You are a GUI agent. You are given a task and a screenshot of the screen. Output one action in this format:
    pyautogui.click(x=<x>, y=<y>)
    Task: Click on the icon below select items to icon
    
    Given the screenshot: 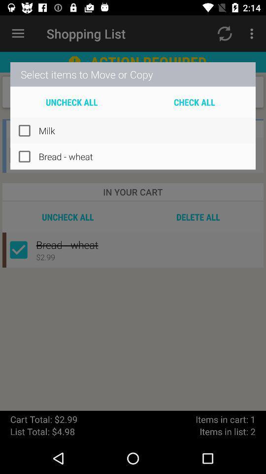 What is the action you would take?
    pyautogui.click(x=194, y=102)
    